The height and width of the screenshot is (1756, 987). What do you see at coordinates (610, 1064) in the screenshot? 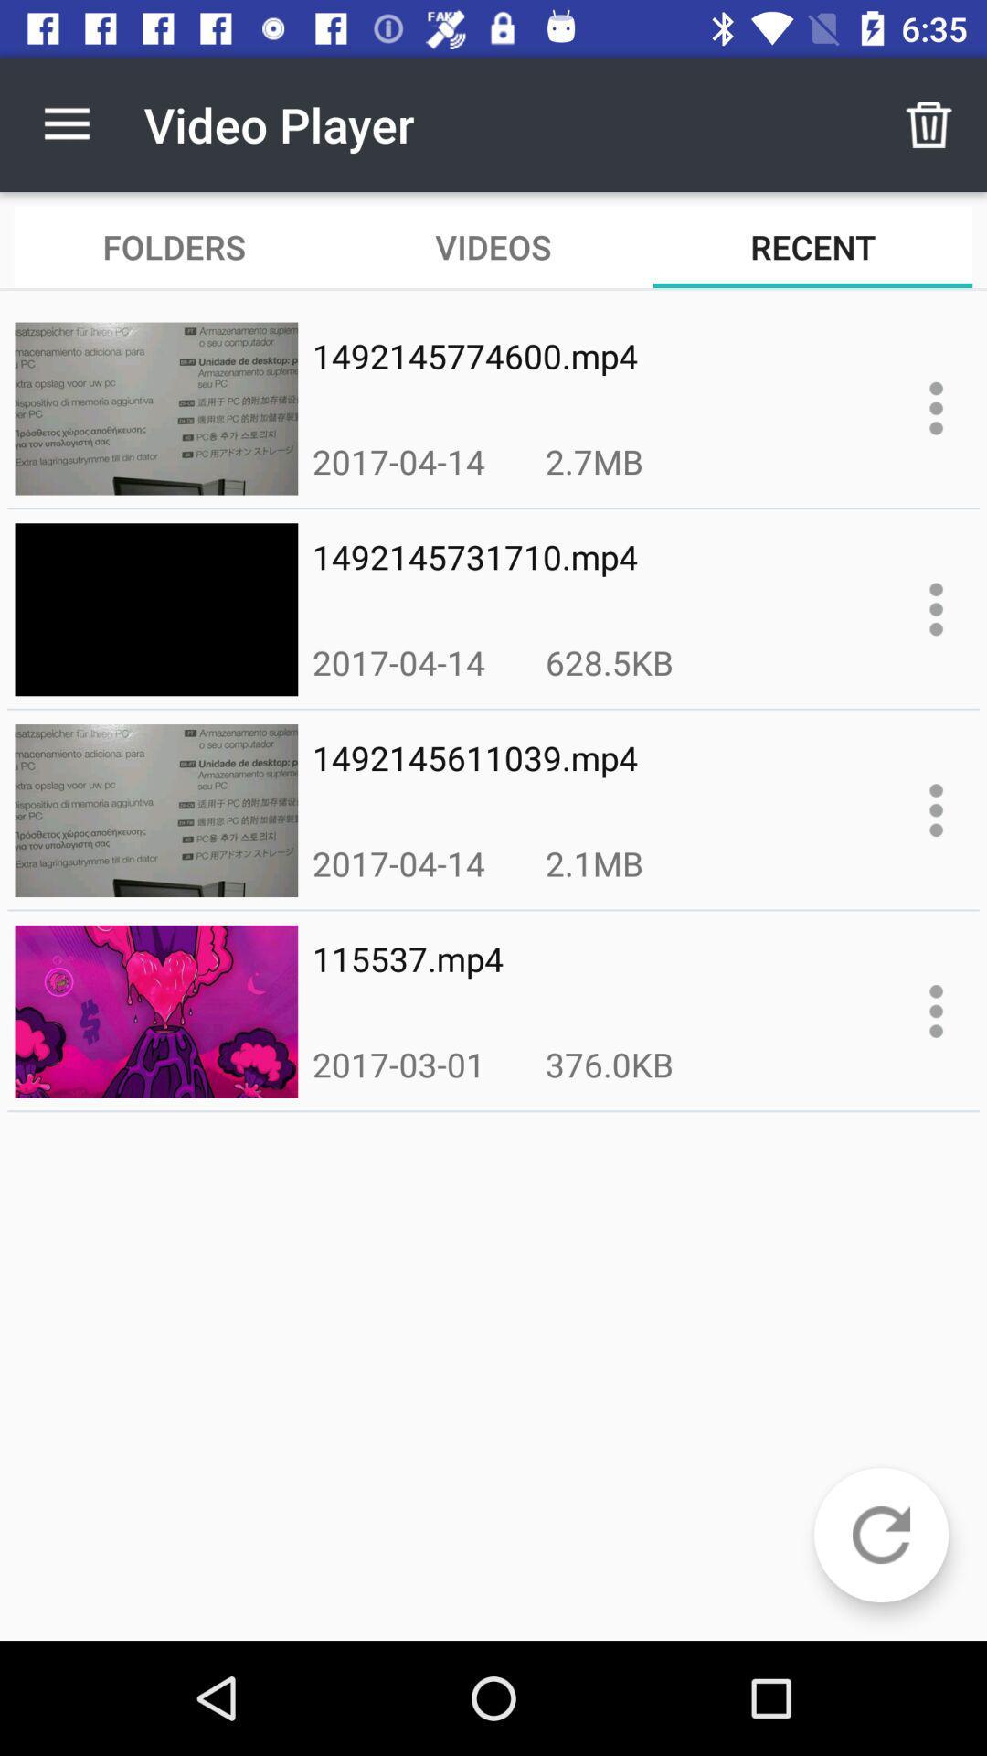
I see `icon below 115537.mp4 icon` at bounding box center [610, 1064].